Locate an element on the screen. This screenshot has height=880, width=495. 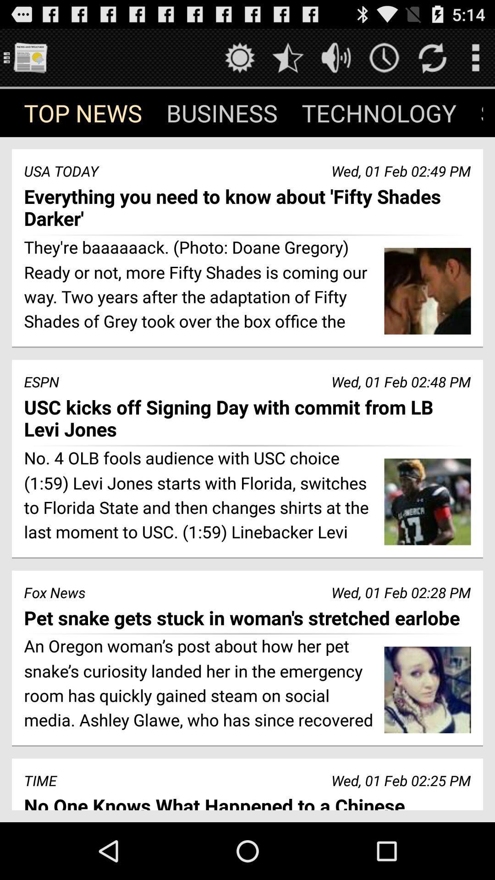
the volume icon is located at coordinates (336, 61).